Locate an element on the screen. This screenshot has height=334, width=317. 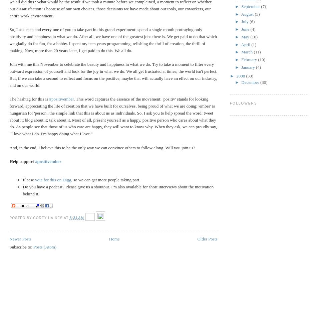
'Home' is located at coordinates (108, 238).